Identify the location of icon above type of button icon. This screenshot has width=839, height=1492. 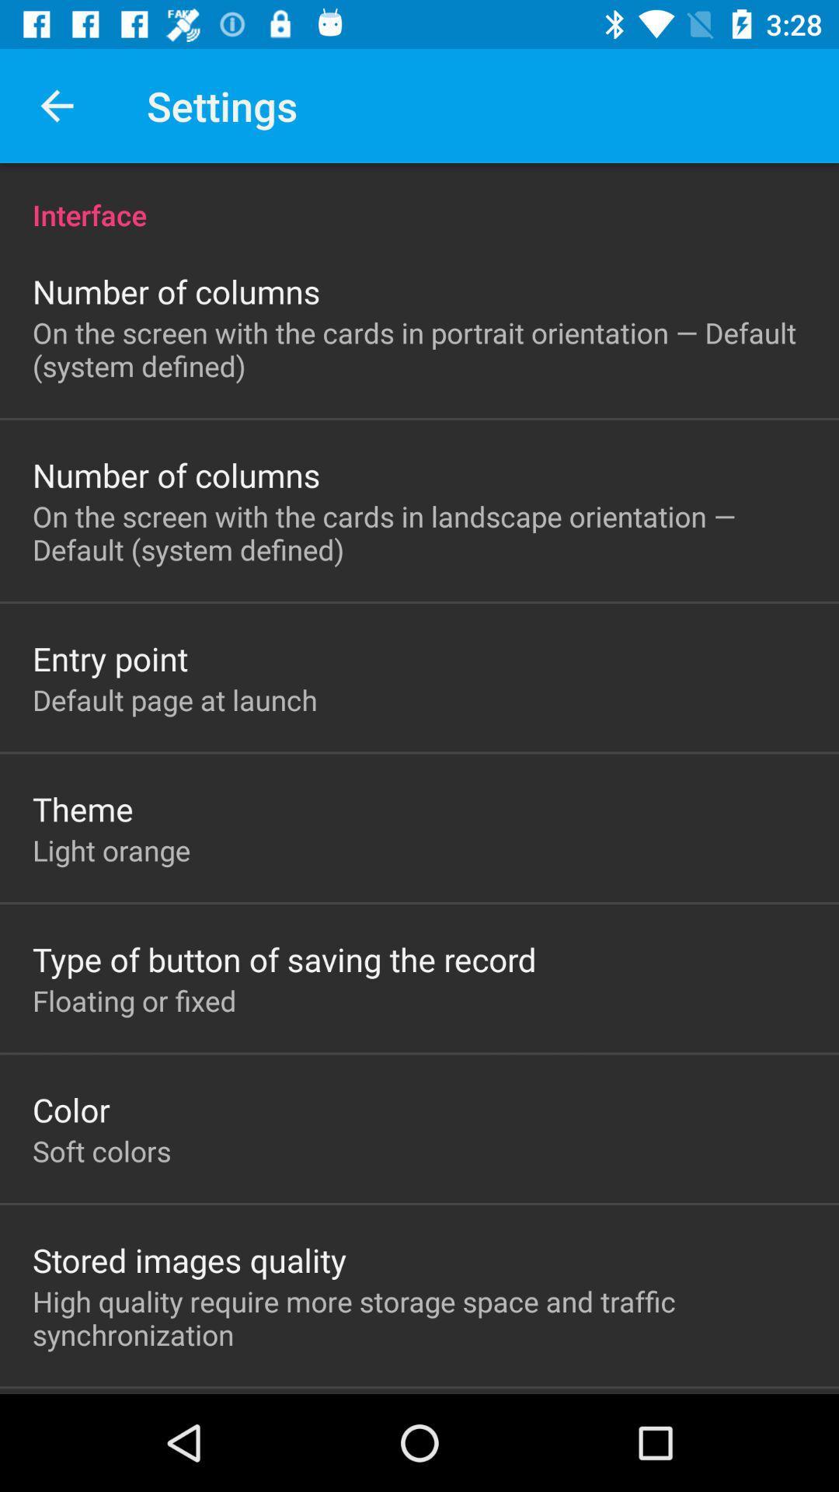
(110, 849).